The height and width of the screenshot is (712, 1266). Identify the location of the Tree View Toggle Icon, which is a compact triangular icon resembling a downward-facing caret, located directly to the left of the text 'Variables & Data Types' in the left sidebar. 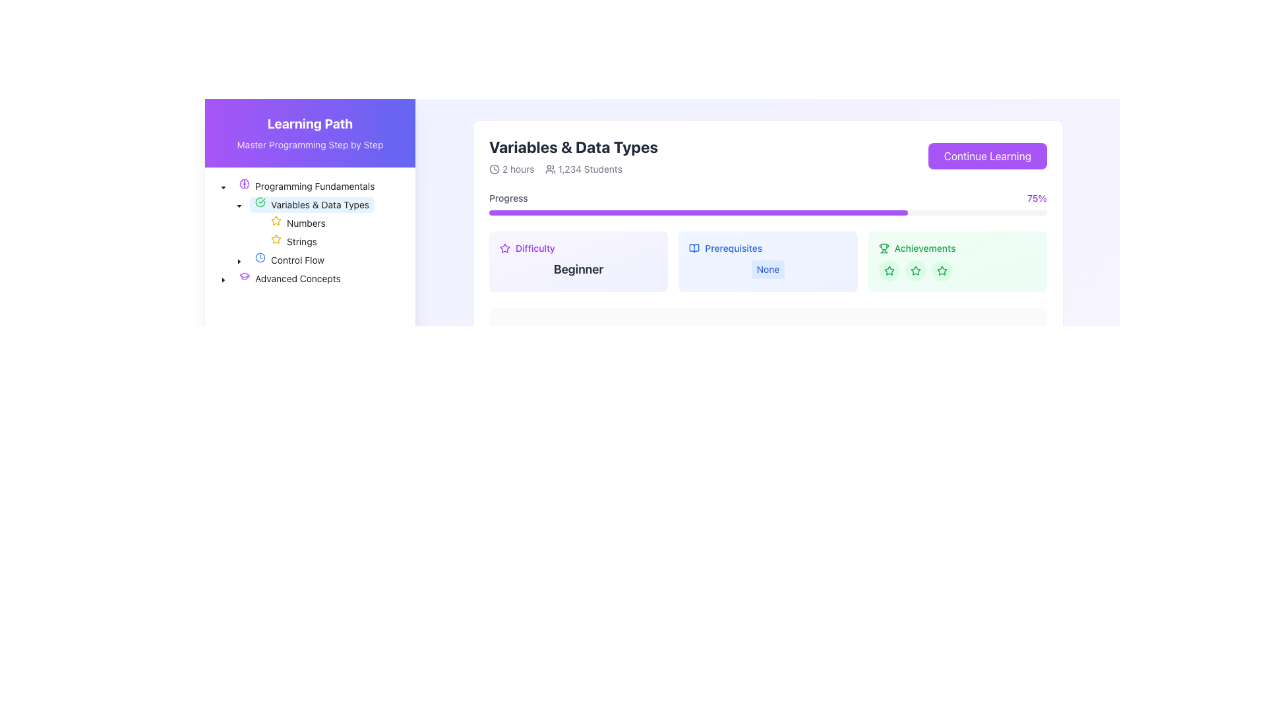
(239, 205).